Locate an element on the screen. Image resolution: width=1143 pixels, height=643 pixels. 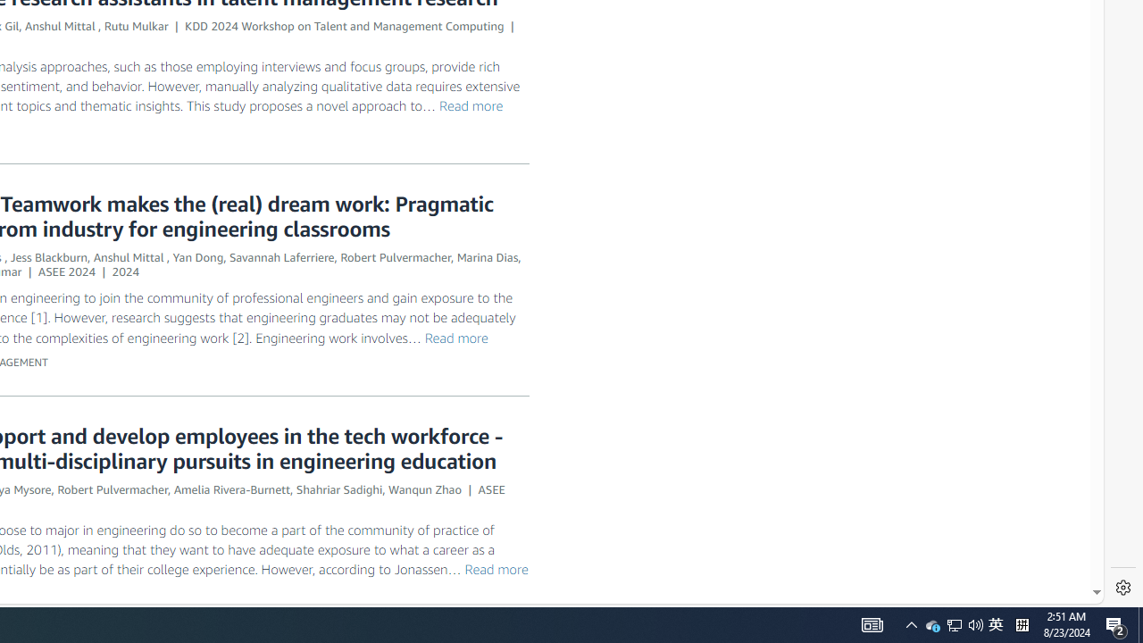
'Shahriar Sadighi' is located at coordinates (339, 489).